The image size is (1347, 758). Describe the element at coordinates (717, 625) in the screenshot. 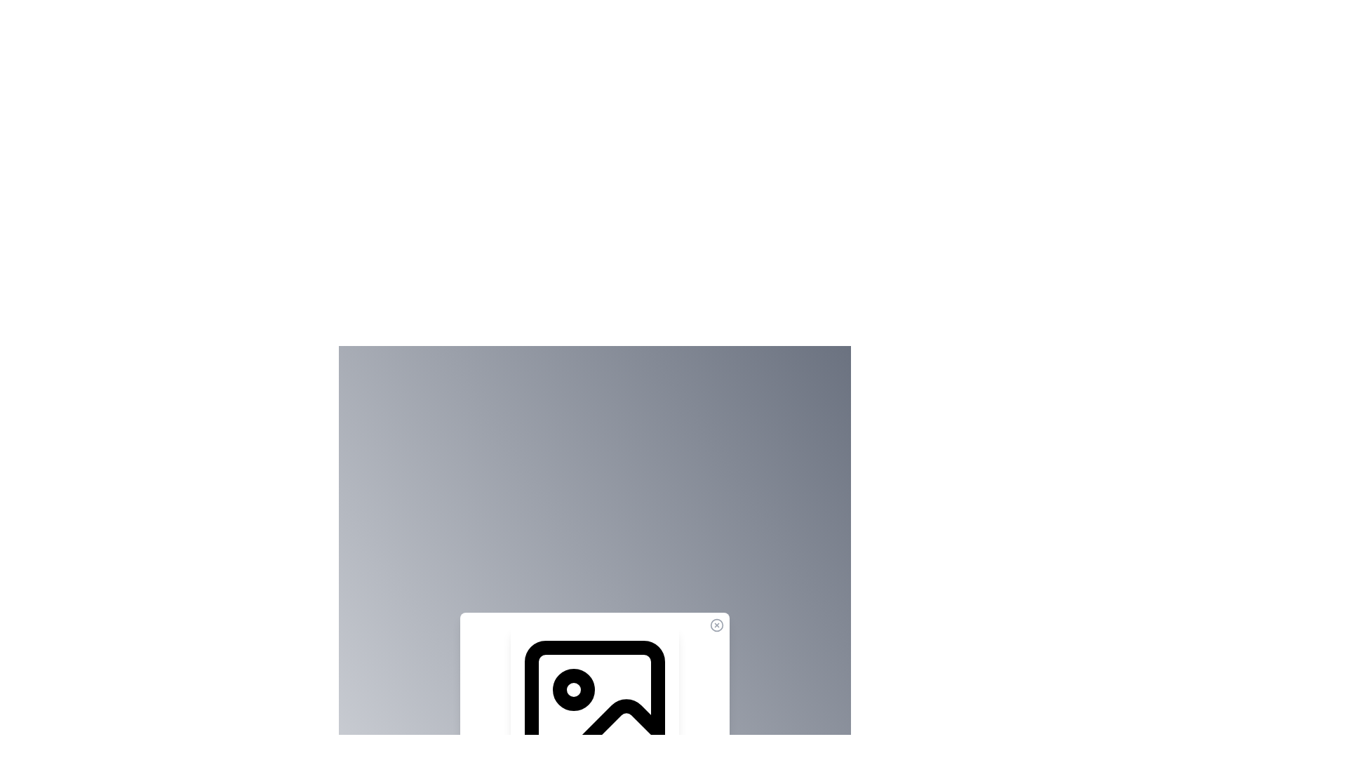

I see `the close button located at the top-right corner of the card-shaped component` at that location.